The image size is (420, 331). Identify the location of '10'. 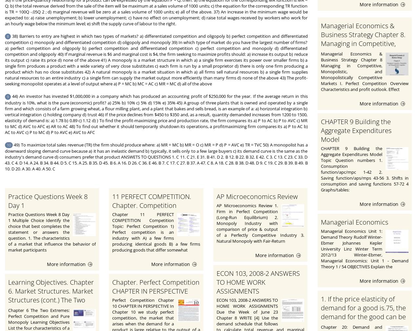
(9, 145).